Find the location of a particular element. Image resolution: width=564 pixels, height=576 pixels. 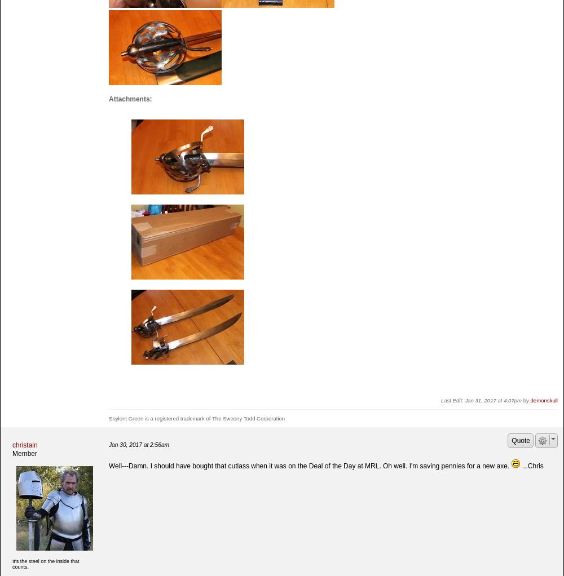

'demonskull' is located at coordinates (543, 400).